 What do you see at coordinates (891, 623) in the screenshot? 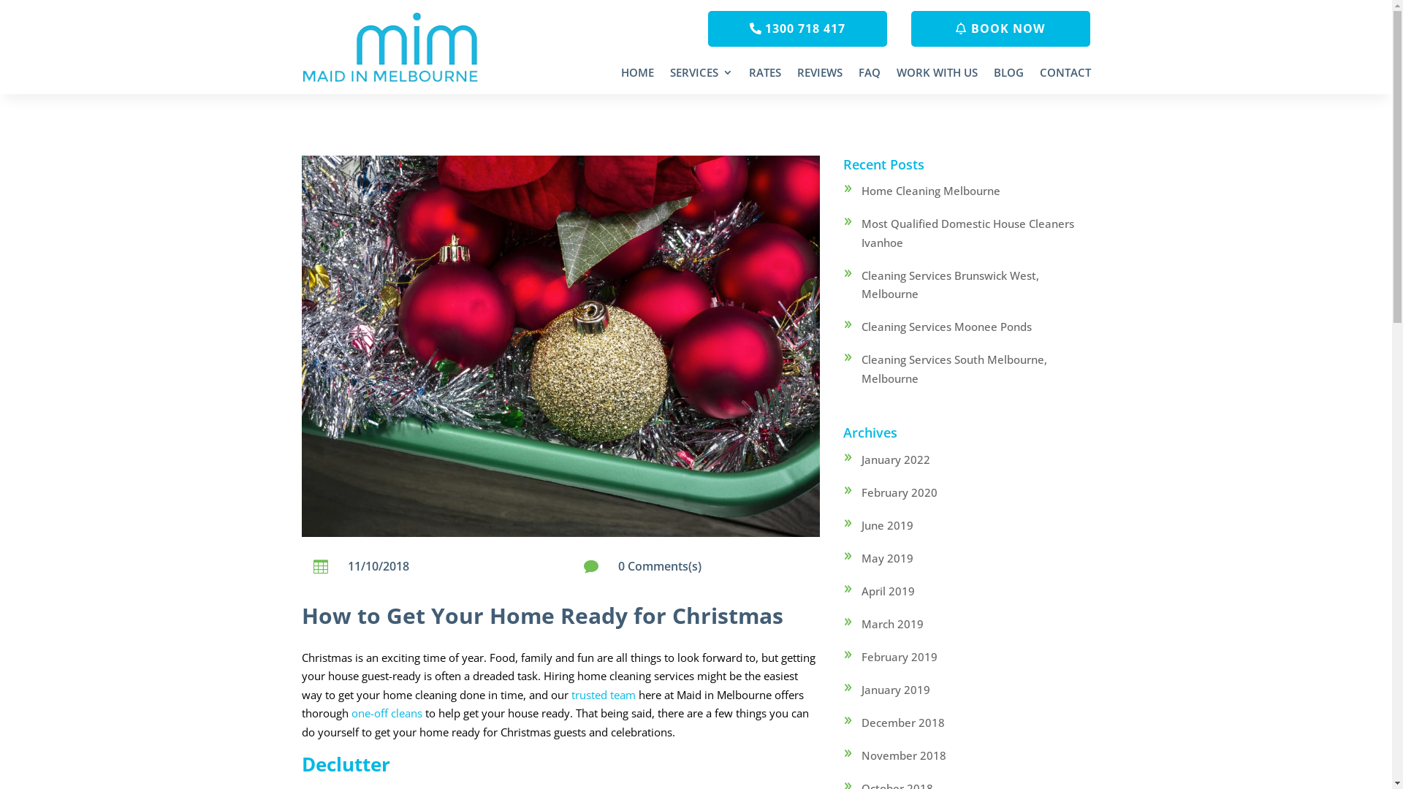
I see `'March 2019'` at bounding box center [891, 623].